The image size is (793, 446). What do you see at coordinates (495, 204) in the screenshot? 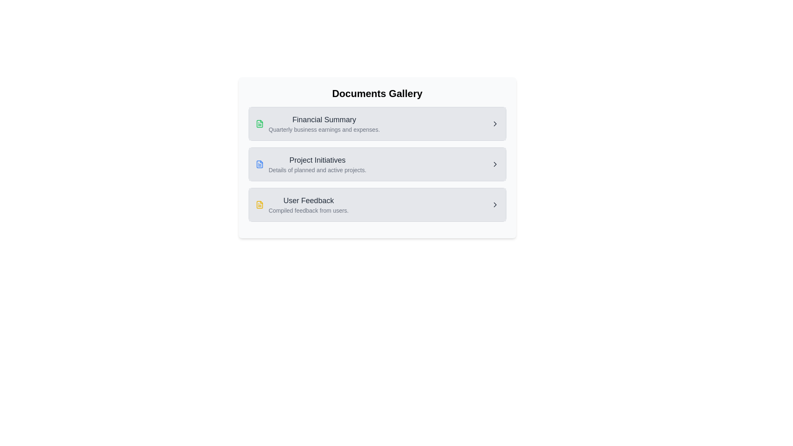
I see `the right-pointing chevron icon at the end of the 'User Feedback' list item in the 'Documents Gallery' interface` at bounding box center [495, 204].